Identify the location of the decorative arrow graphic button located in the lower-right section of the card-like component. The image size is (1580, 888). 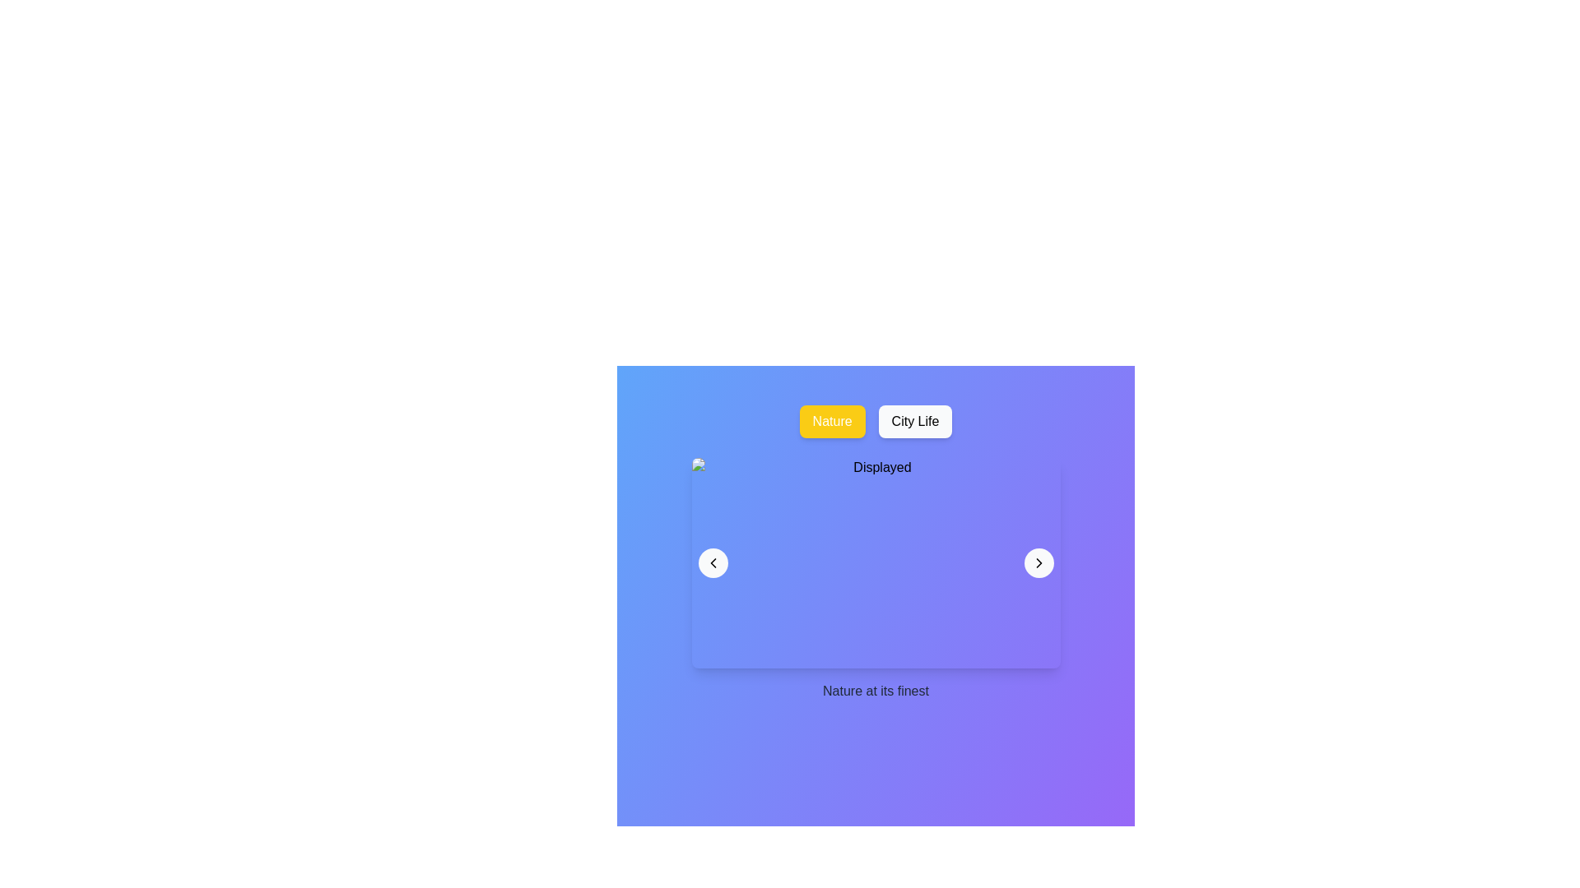
(1038, 562).